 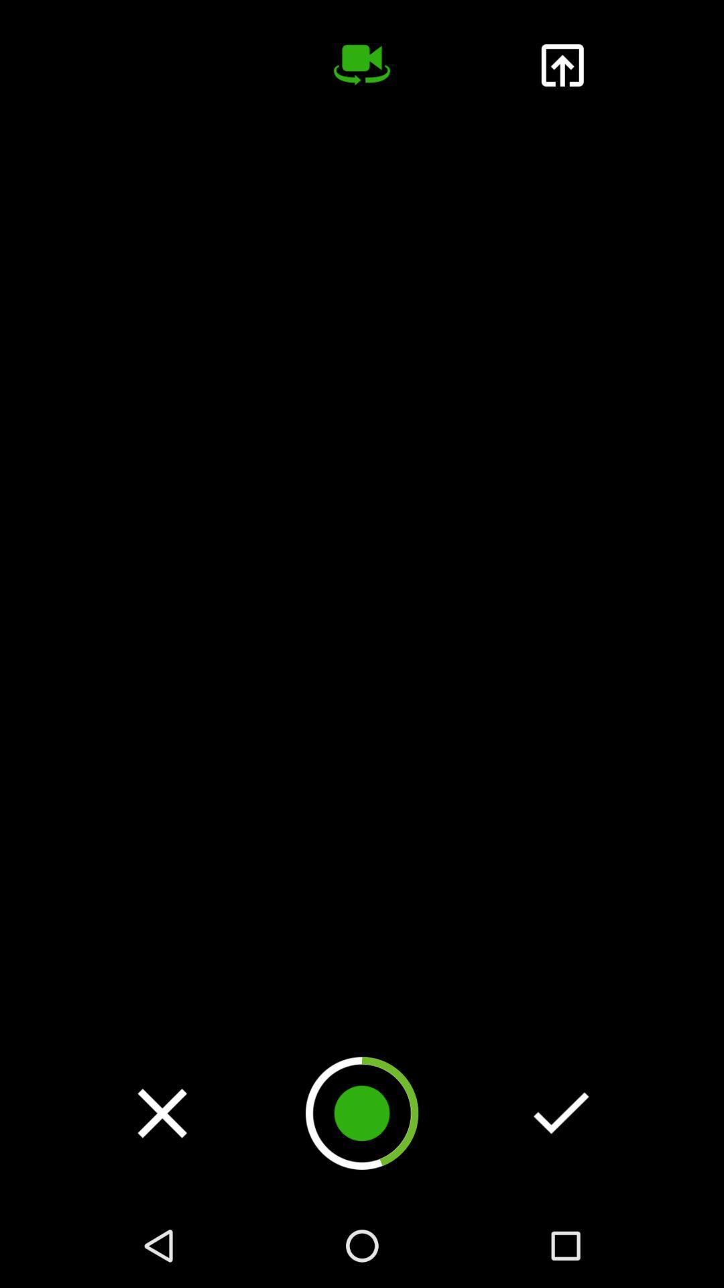 What do you see at coordinates (562, 64) in the screenshot?
I see `upload` at bounding box center [562, 64].